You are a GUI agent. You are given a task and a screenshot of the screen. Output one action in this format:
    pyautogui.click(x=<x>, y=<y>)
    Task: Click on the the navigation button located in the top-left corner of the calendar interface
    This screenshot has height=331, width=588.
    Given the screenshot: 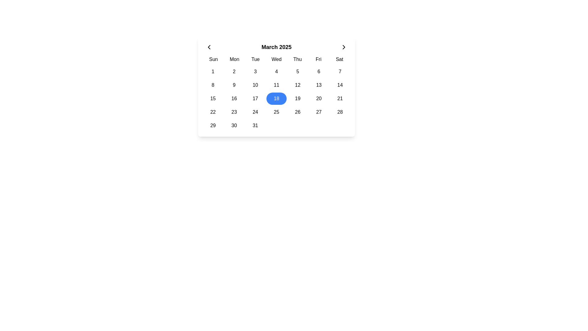 What is the action you would take?
    pyautogui.click(x=209, y=47)
    